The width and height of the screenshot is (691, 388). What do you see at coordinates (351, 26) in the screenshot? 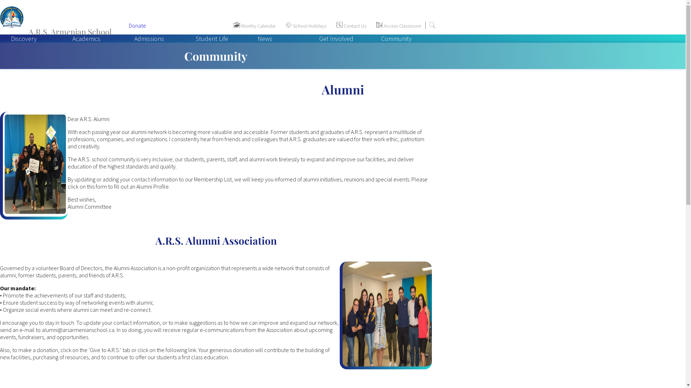
I see `'Contact Us'` at bounding box center [351, 26].